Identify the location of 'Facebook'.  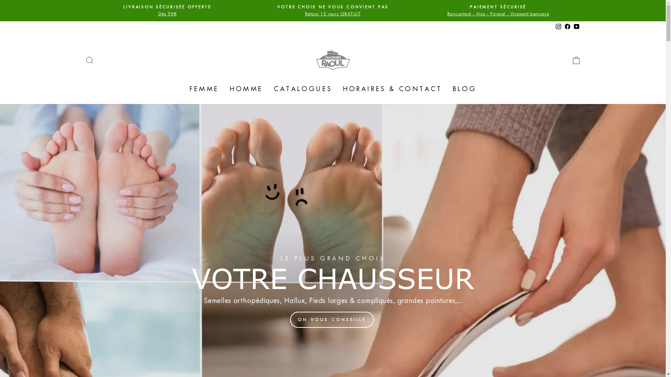
(567, 26).